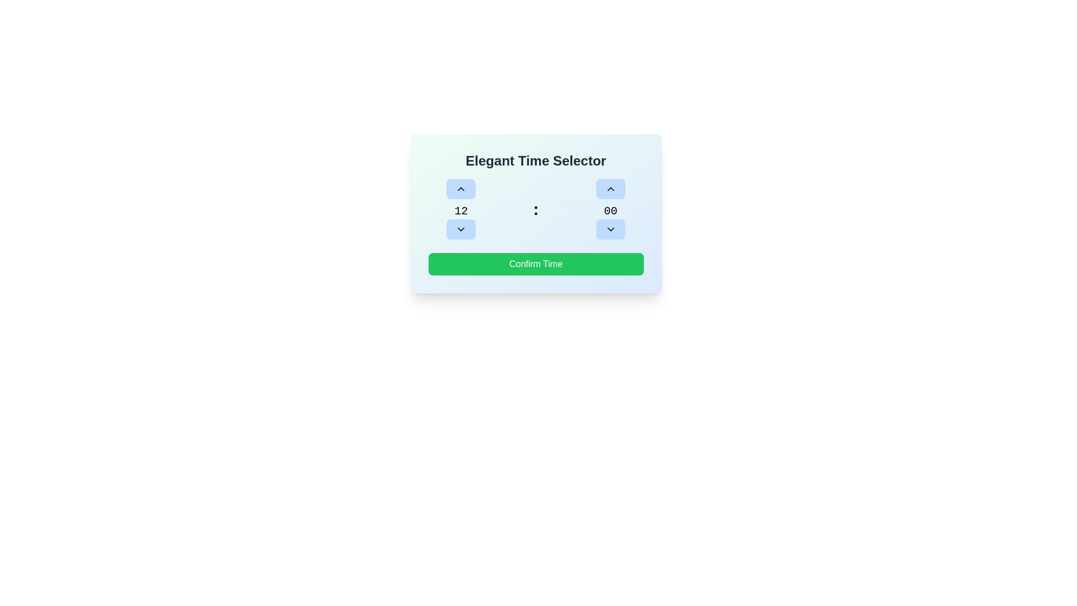 Image resolution: width=1077 pixels, height=606 pixels. Describe the element at coordinates (535, 214) in the screenshot. I see `the time selector component that includes a title, adjustable time display, and a 'Confirm Time' button` at that location.